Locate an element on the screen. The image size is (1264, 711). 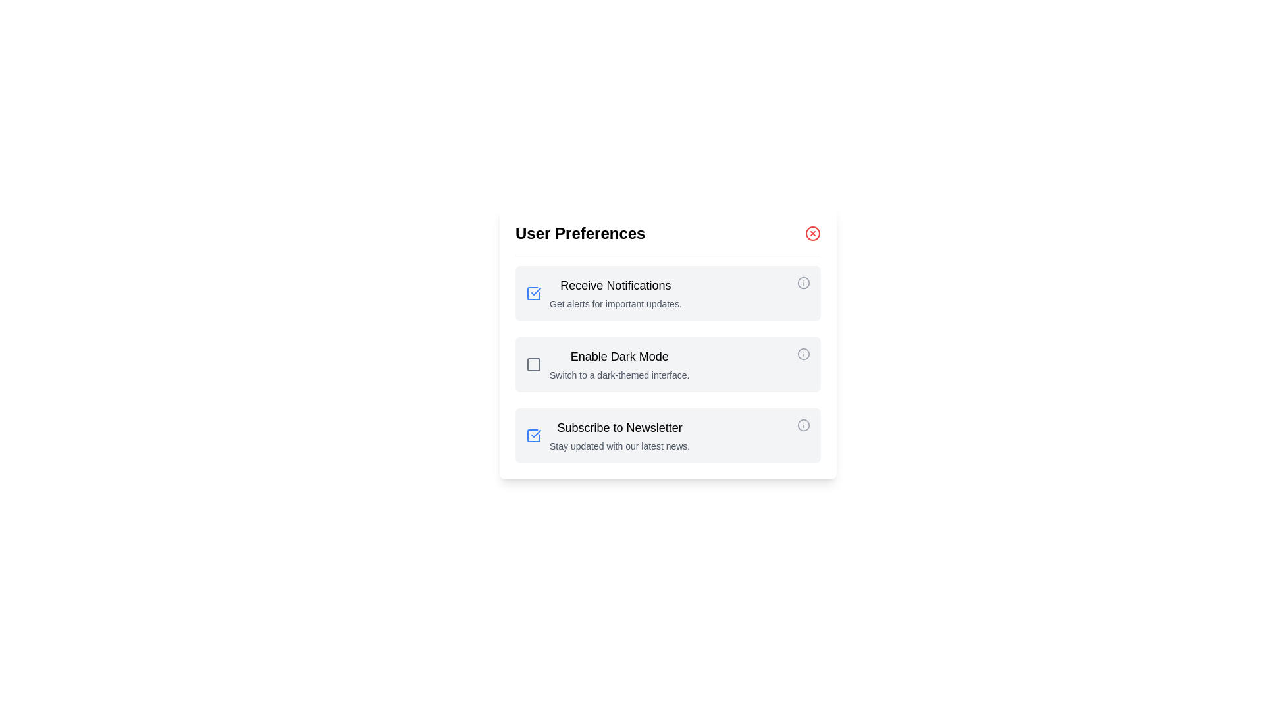
the dark mode preference option which consists of a checkbox, title, and description, located in the second position of three vertically stacked options is located at coordinates (668, 342).